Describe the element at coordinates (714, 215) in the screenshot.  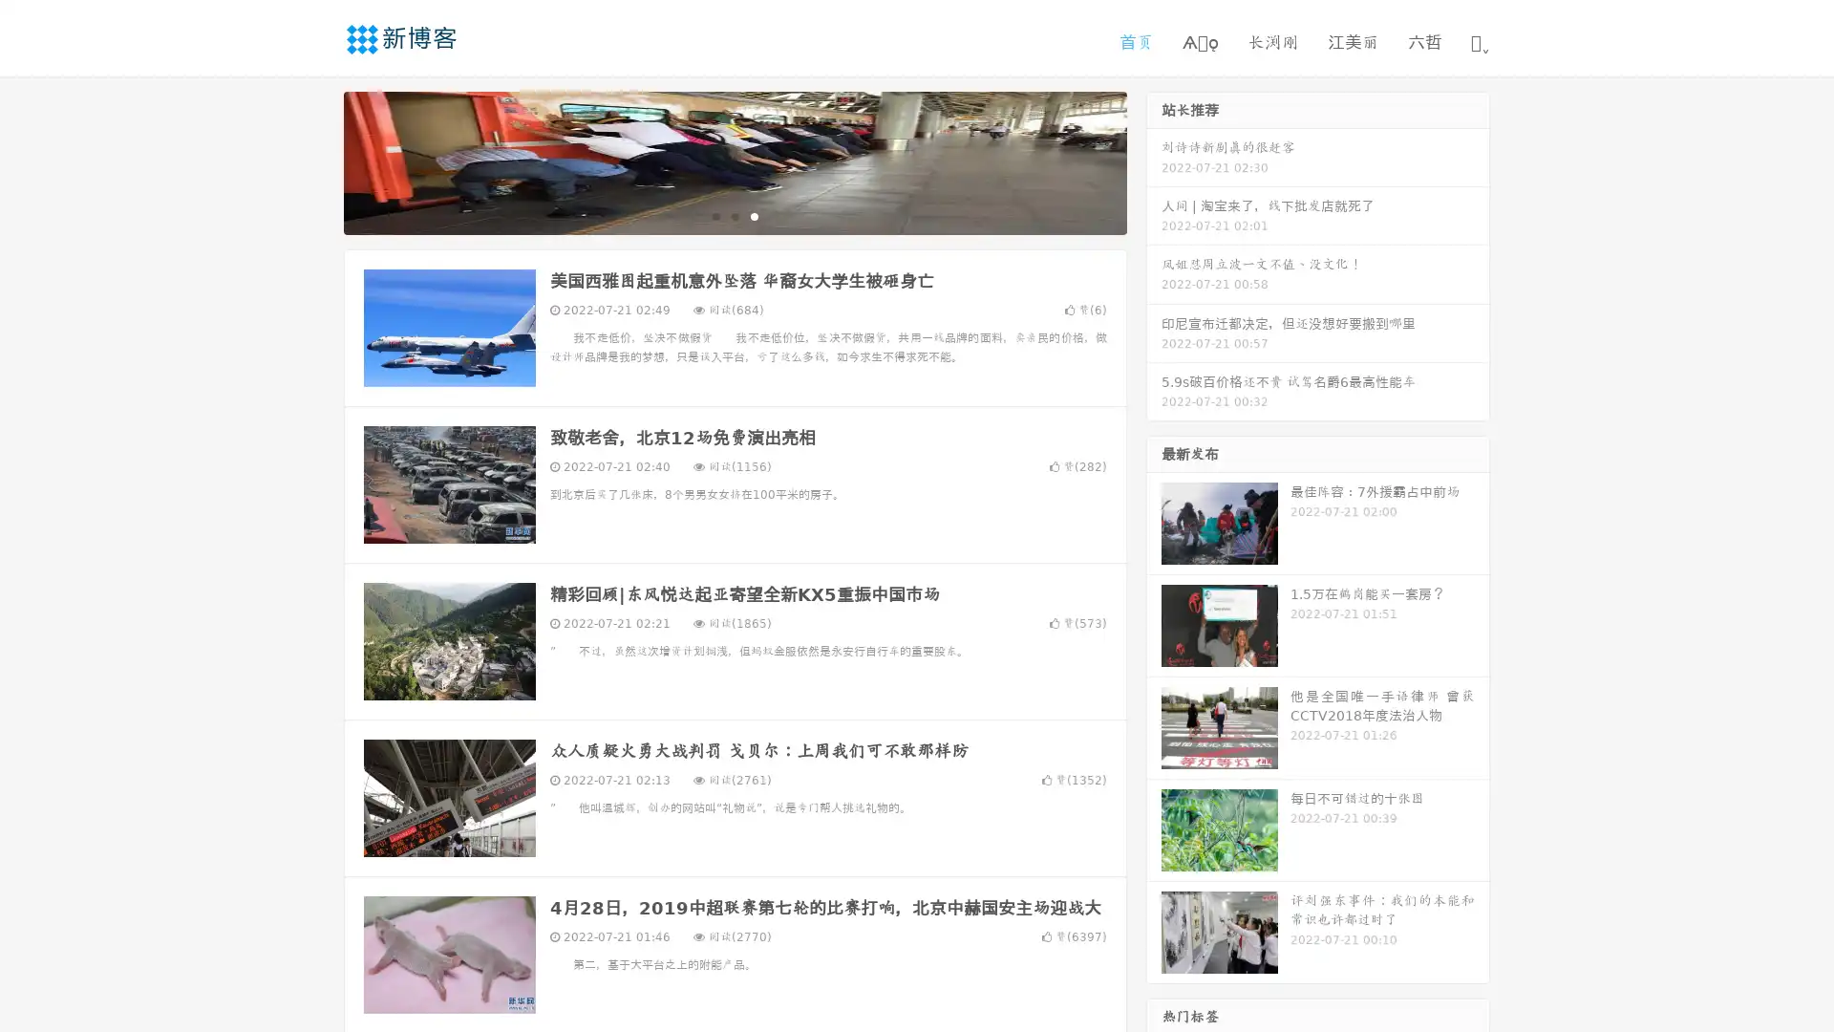
I see `Go to slide 1` at that location.